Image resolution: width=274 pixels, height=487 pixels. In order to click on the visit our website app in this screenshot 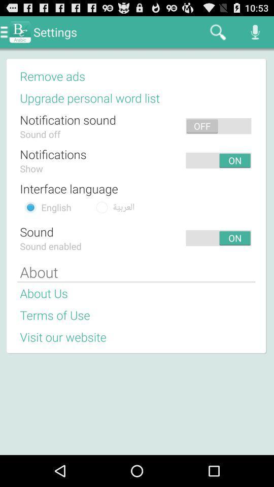, I will do `click(63, 337)`.